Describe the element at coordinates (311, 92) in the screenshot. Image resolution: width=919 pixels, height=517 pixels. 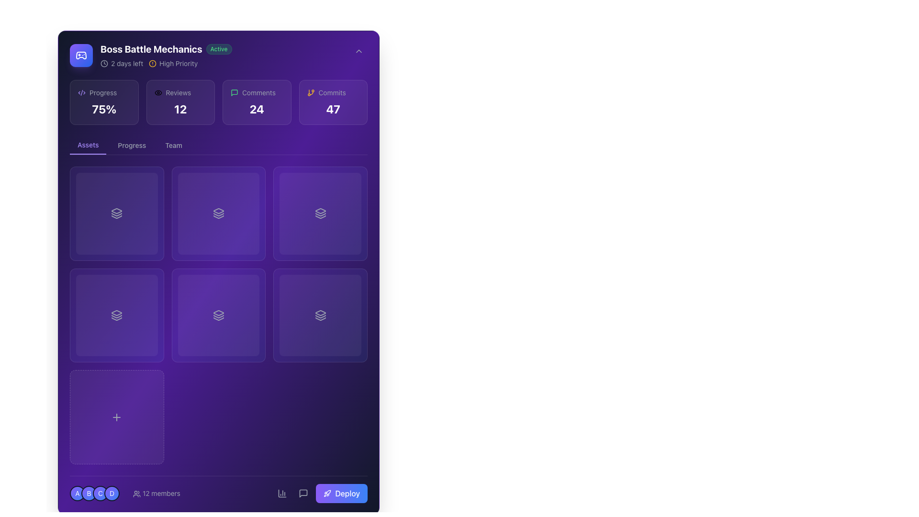
I see `the unique orange icon representing branching in version control, located before the 'Commits' label in the upper section of the application interface` at that location.